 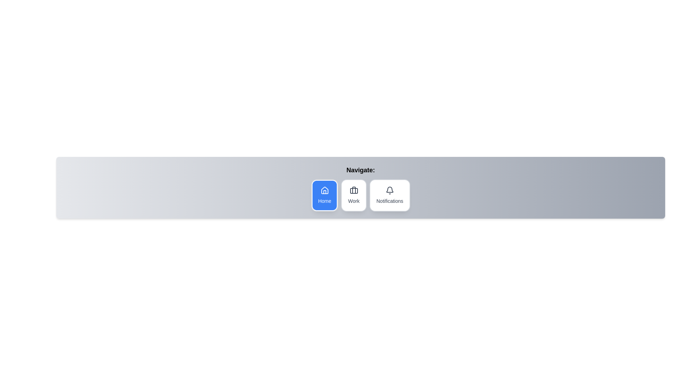 I want to click on the Notifications navigation option, so click(x=389, y=195).